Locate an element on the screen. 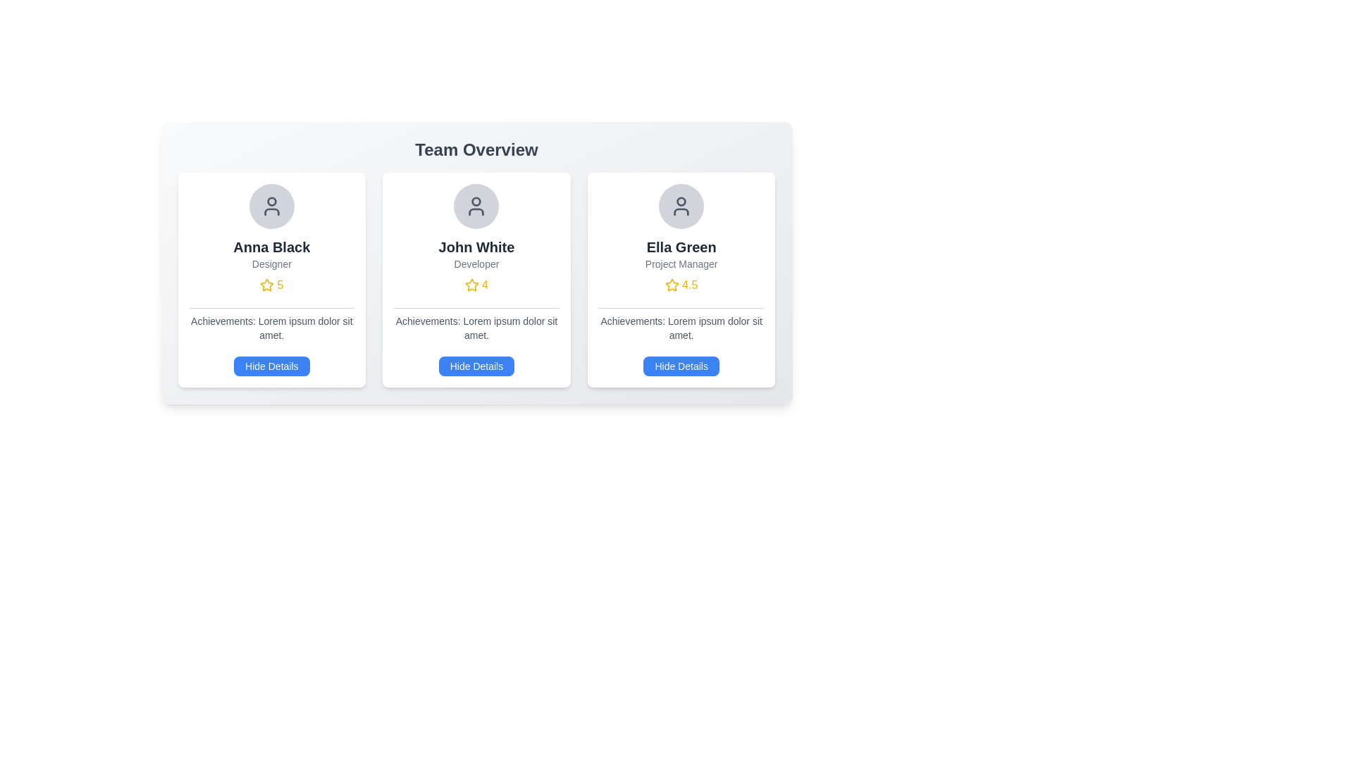 This screenshot has height=761, width=1353. rating value displayed as '4.5' in the yellow text label with a star icon, located in the card of 'Ella Green' below 'Project Manager' is located at coordinates (681, 285).